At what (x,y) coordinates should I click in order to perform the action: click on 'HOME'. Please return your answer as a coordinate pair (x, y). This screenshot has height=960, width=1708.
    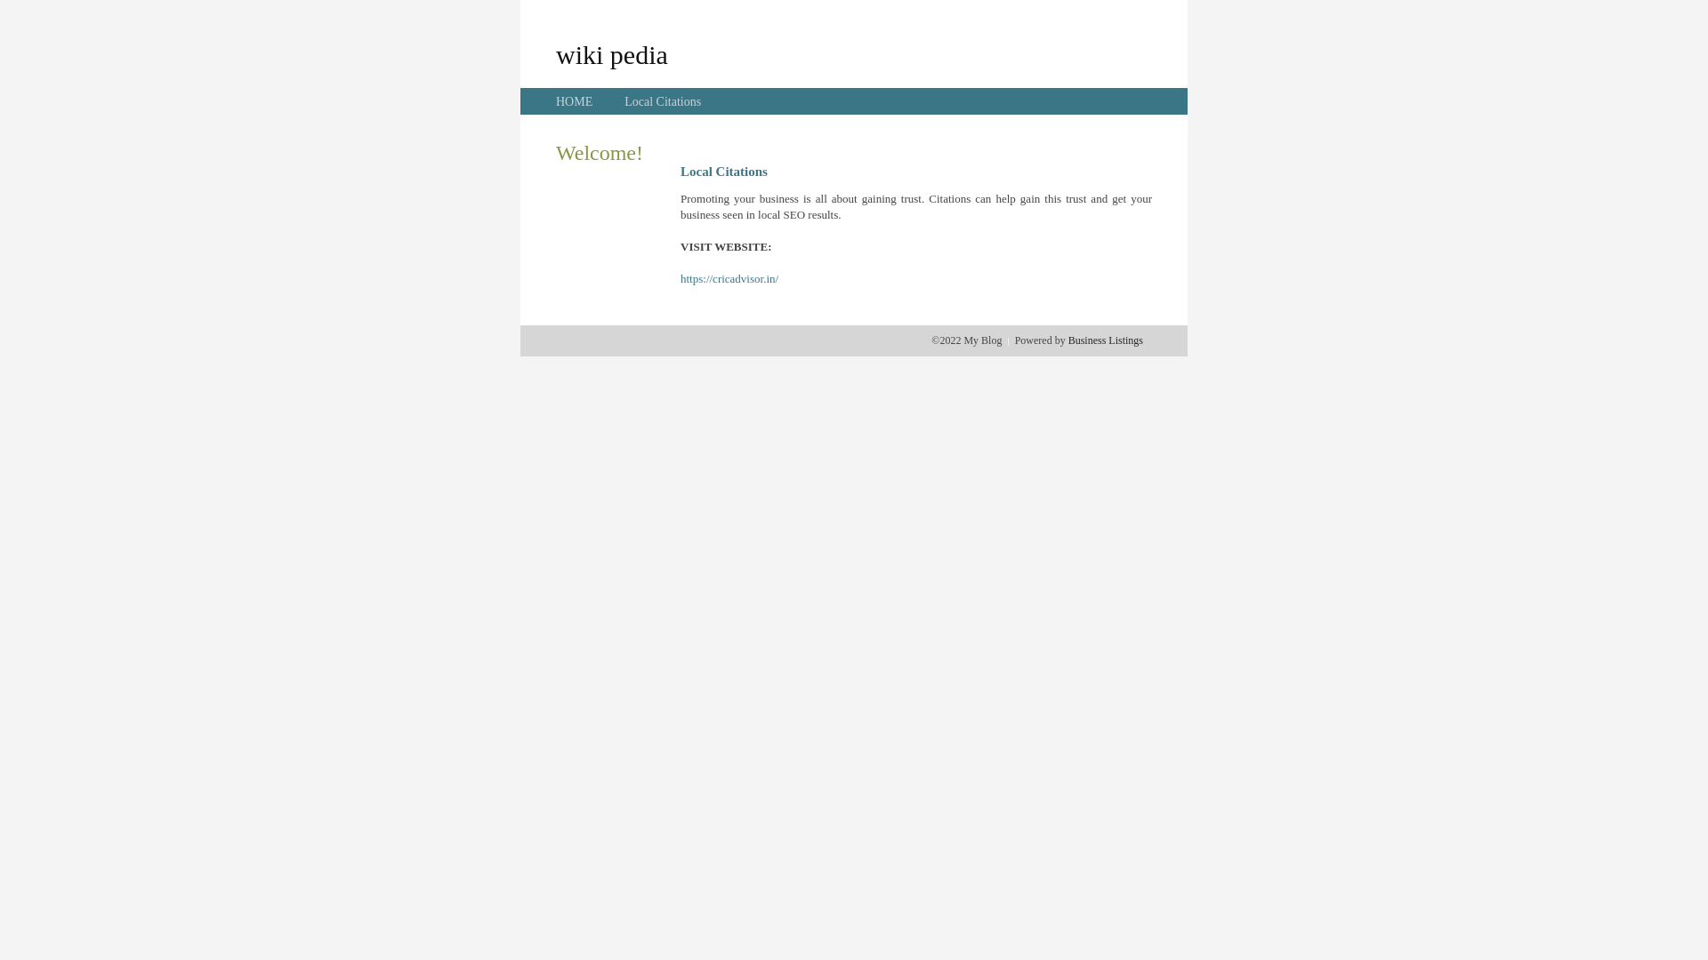
    Looking at the image, I should click on (554, 101).